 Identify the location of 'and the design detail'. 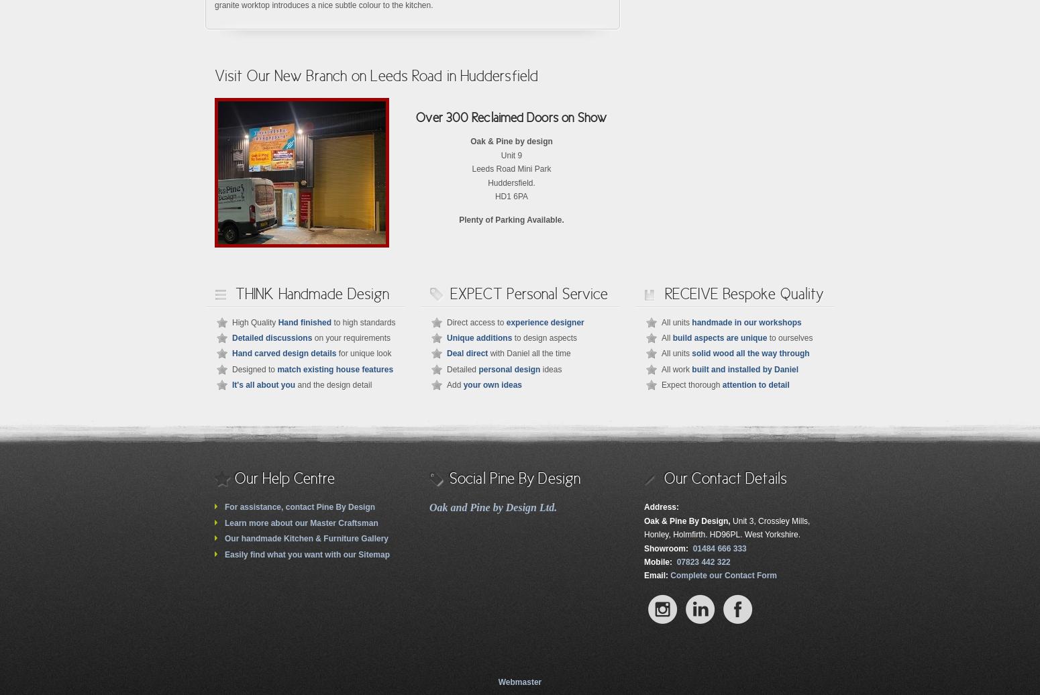
(332, 385).